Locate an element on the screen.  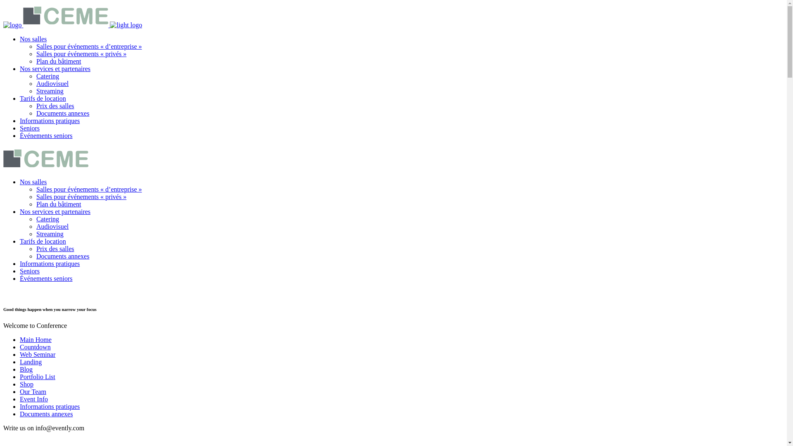
'Nos services et partenaires' is located at coordinates (55, 211).